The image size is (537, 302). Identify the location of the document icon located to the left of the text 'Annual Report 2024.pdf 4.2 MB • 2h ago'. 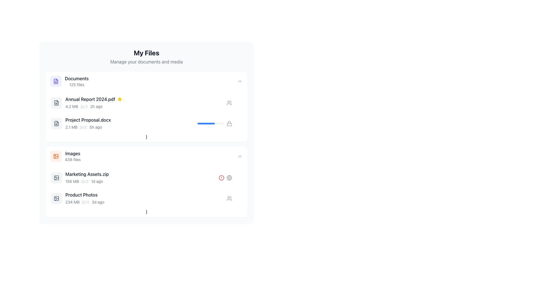
(56, 103).